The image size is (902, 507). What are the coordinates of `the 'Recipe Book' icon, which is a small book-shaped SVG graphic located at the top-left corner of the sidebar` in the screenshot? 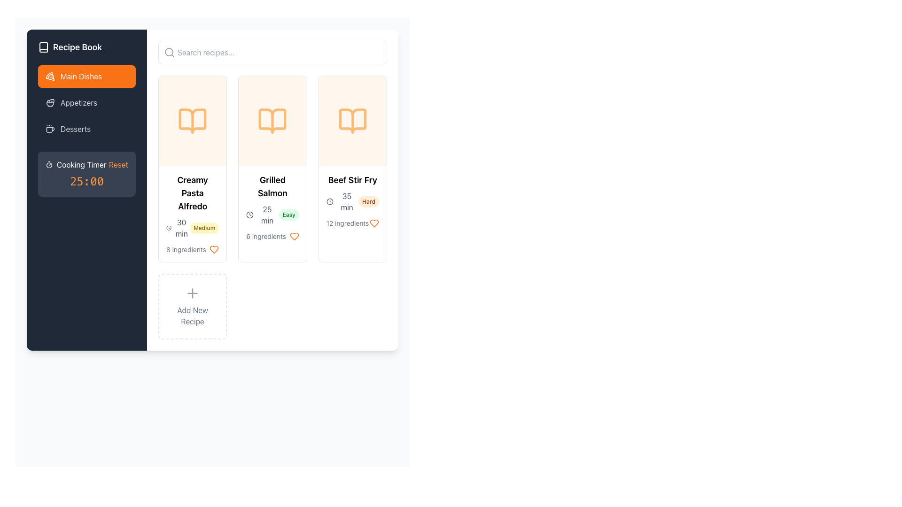 It's located at (43, 47).